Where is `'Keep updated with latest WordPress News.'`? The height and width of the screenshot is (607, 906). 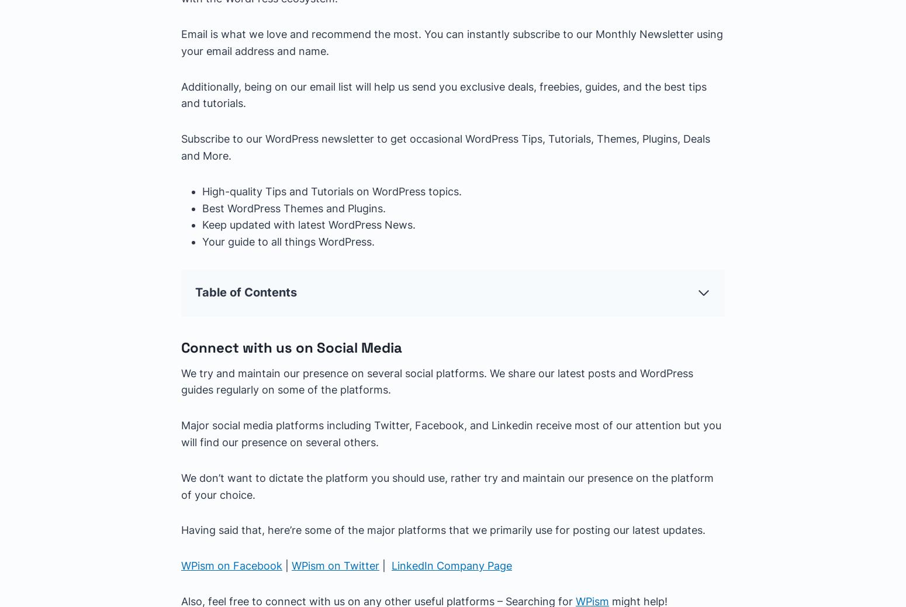 'Keep updated with latest WordPress News.' is located at coordinates (308, 225).